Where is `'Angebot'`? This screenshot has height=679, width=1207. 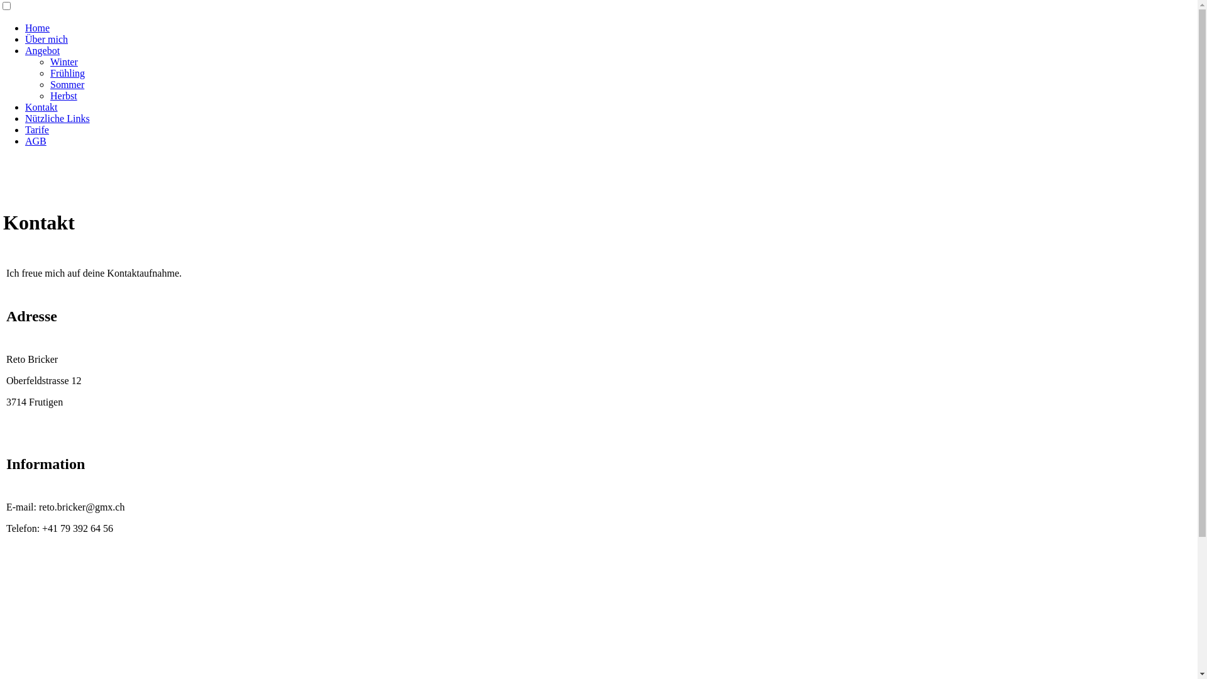
'Angebot' is located at coordinates (42, 50).